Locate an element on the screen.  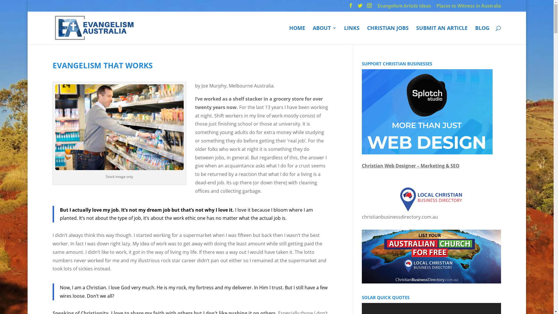
'CHRISTIAN JOBS' is located at coordinates (388, 35).